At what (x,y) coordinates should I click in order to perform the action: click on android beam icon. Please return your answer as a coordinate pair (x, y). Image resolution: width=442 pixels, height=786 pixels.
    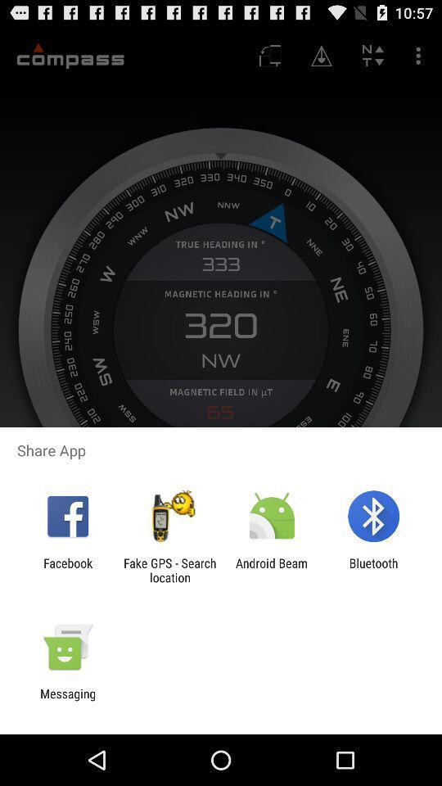
    Looking at the image, I should click on (272, 570).